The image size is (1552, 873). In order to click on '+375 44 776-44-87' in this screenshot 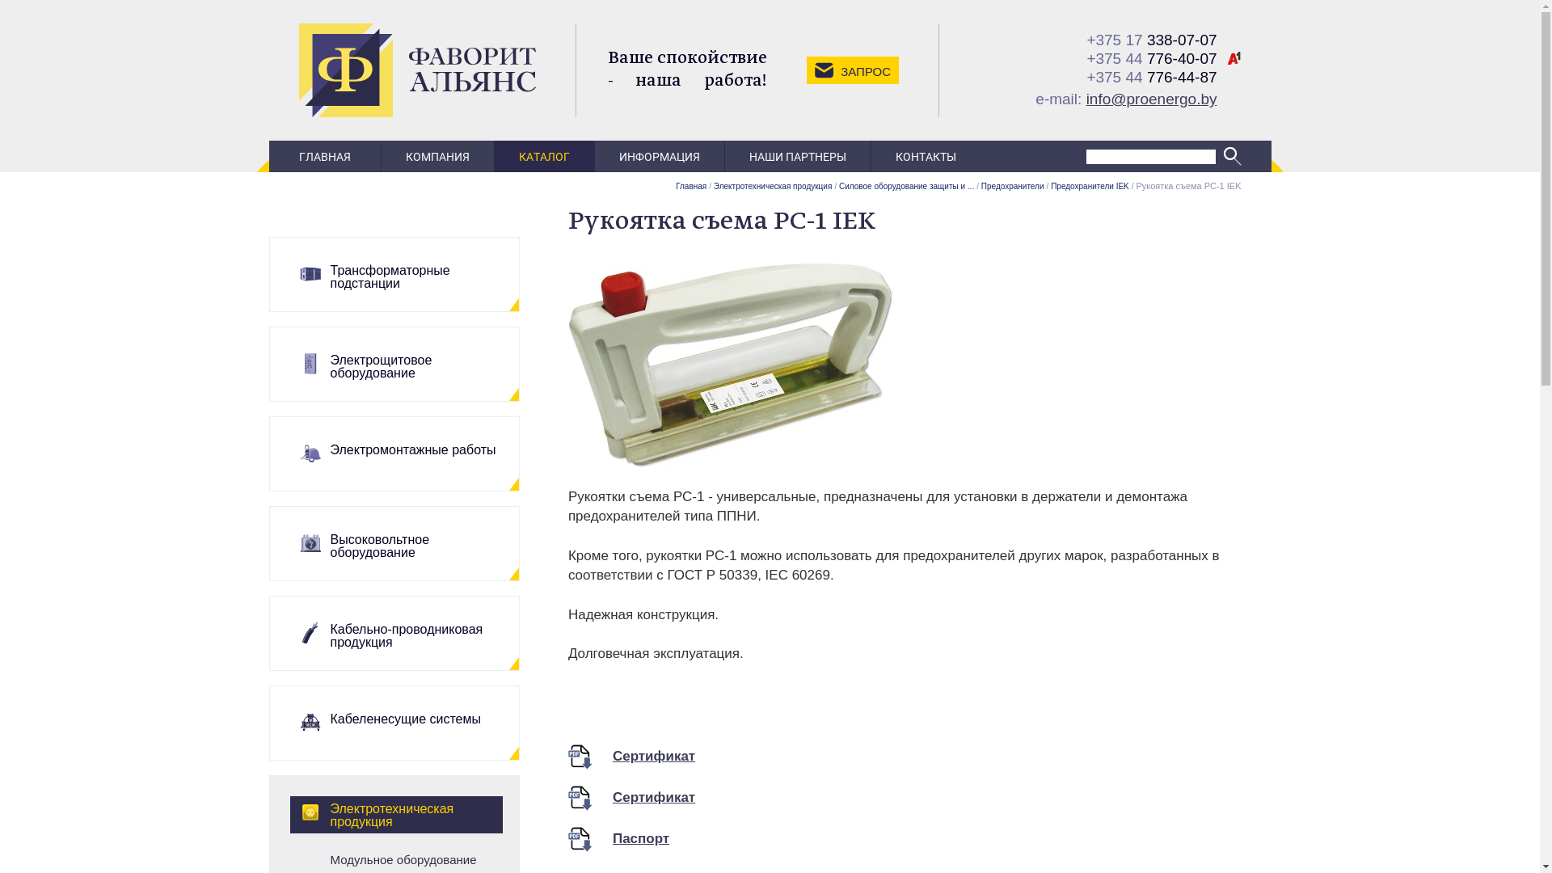, I will do `click(1150, 76)`.